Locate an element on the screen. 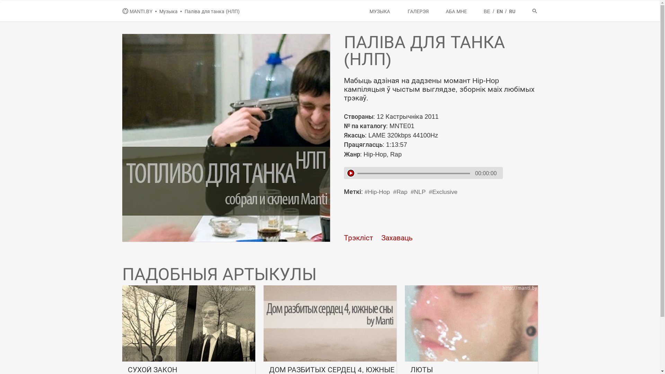 The image size is (665, 374). 'RU' is located at coordinates (512, 11).